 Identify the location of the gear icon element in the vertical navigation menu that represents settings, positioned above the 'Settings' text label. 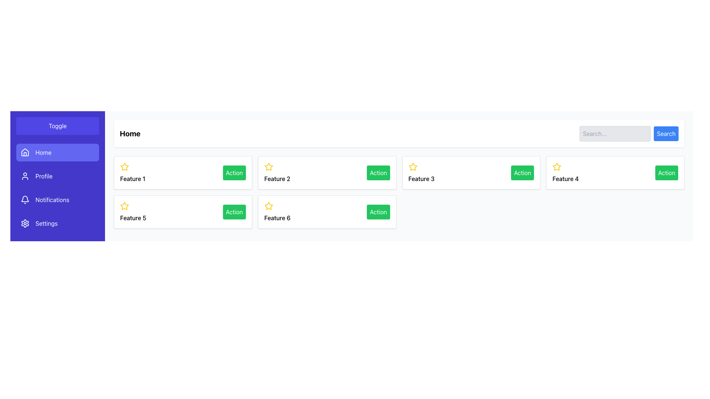
(25, 223).